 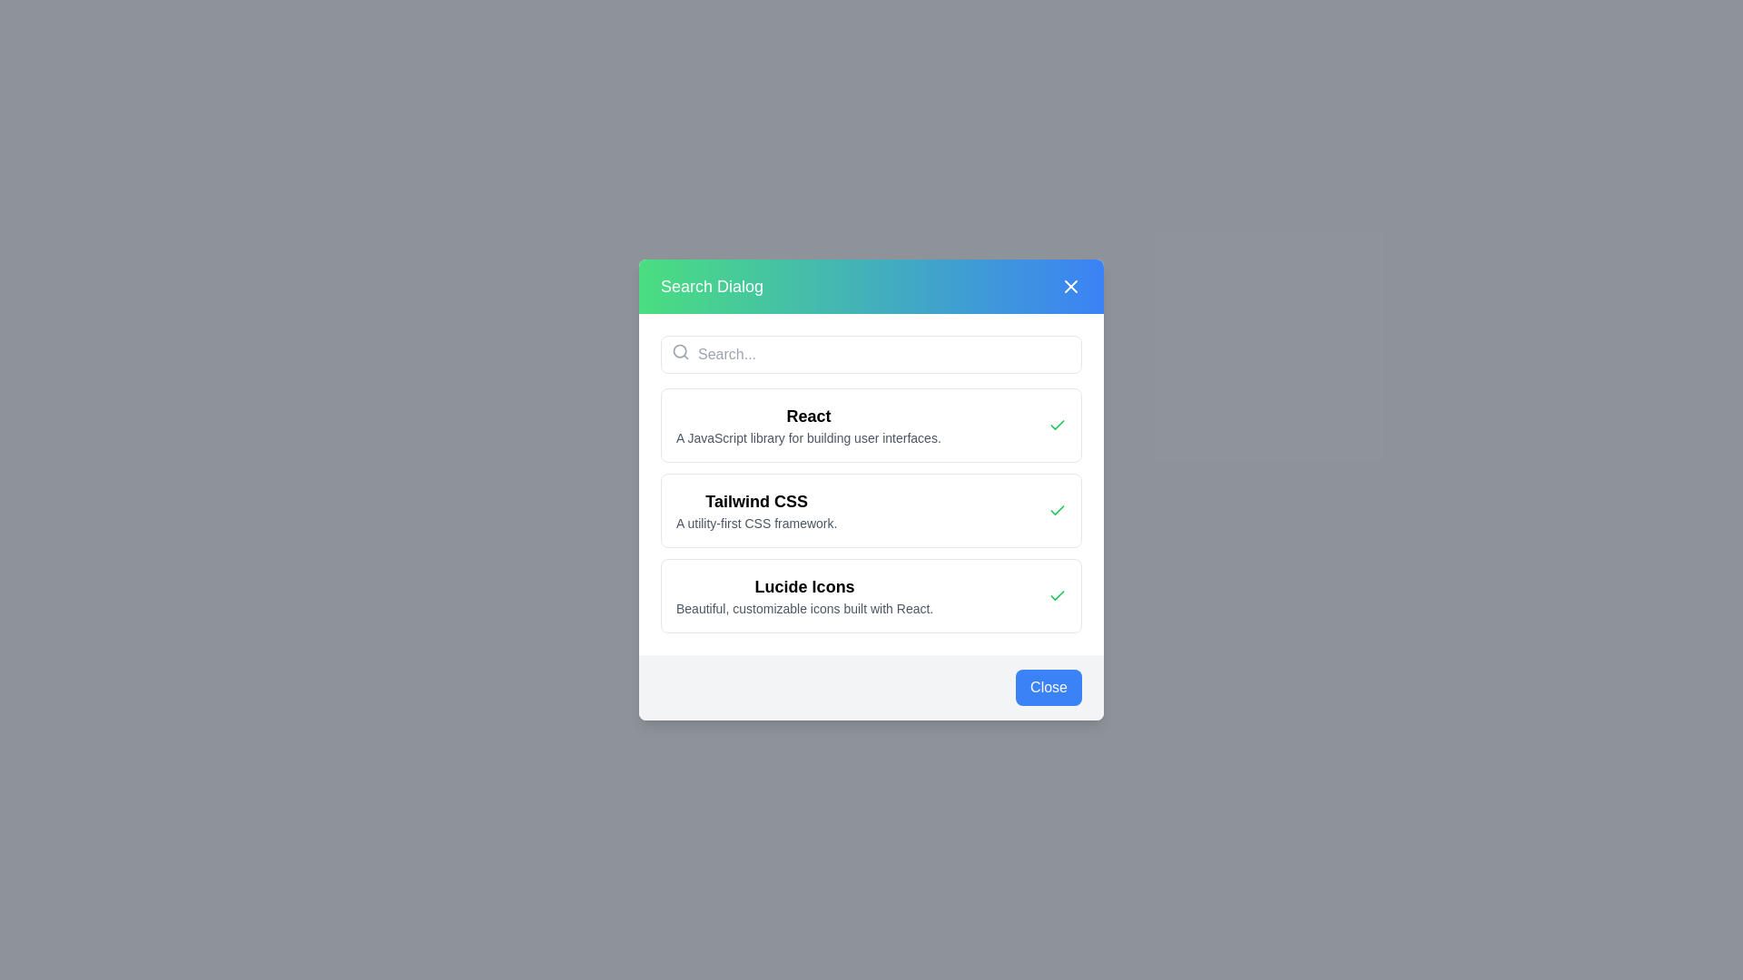 What do you see at coordinates (871, 595) in the screenshot?
I see `the third list item titled 'Lucide Icons', which has a white background, bold text, and a green checkmark icon` at bounding box center [871, 595].